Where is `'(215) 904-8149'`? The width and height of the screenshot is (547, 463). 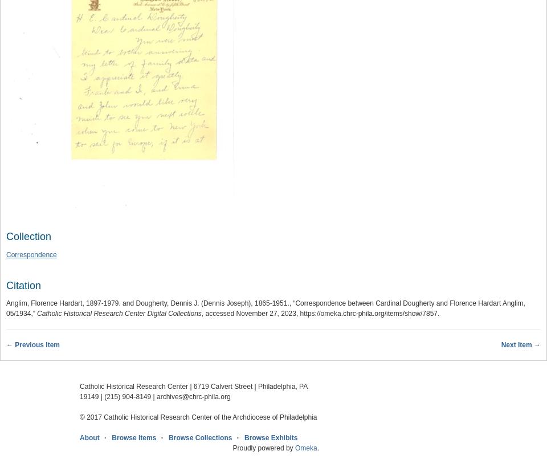 '(215) 904-8149' is located at coordinates (104, 396).